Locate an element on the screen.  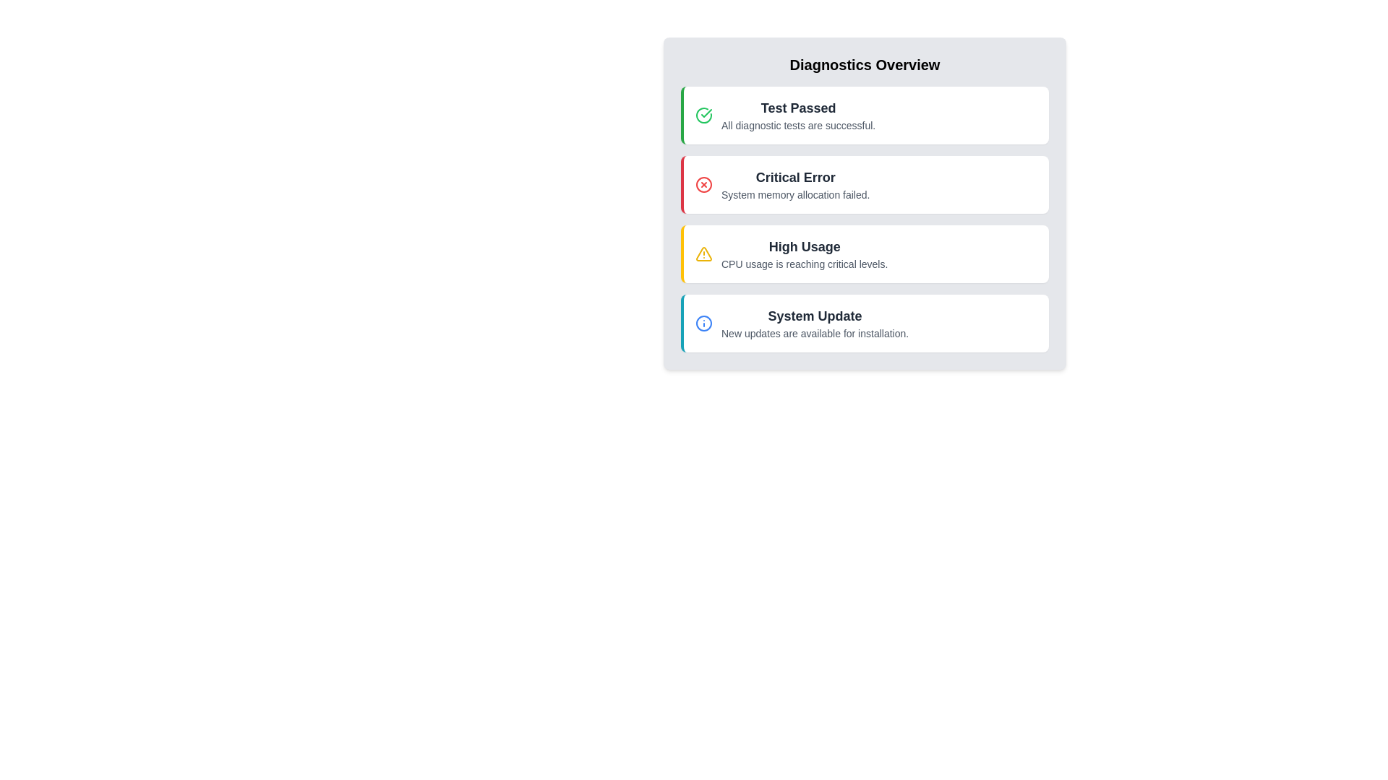
the alert icon indicating high CPU usage, which is a triangle located adjacent to the label 'High Usage' in the diagnostics overview panel is located at coordinates (704, 253).